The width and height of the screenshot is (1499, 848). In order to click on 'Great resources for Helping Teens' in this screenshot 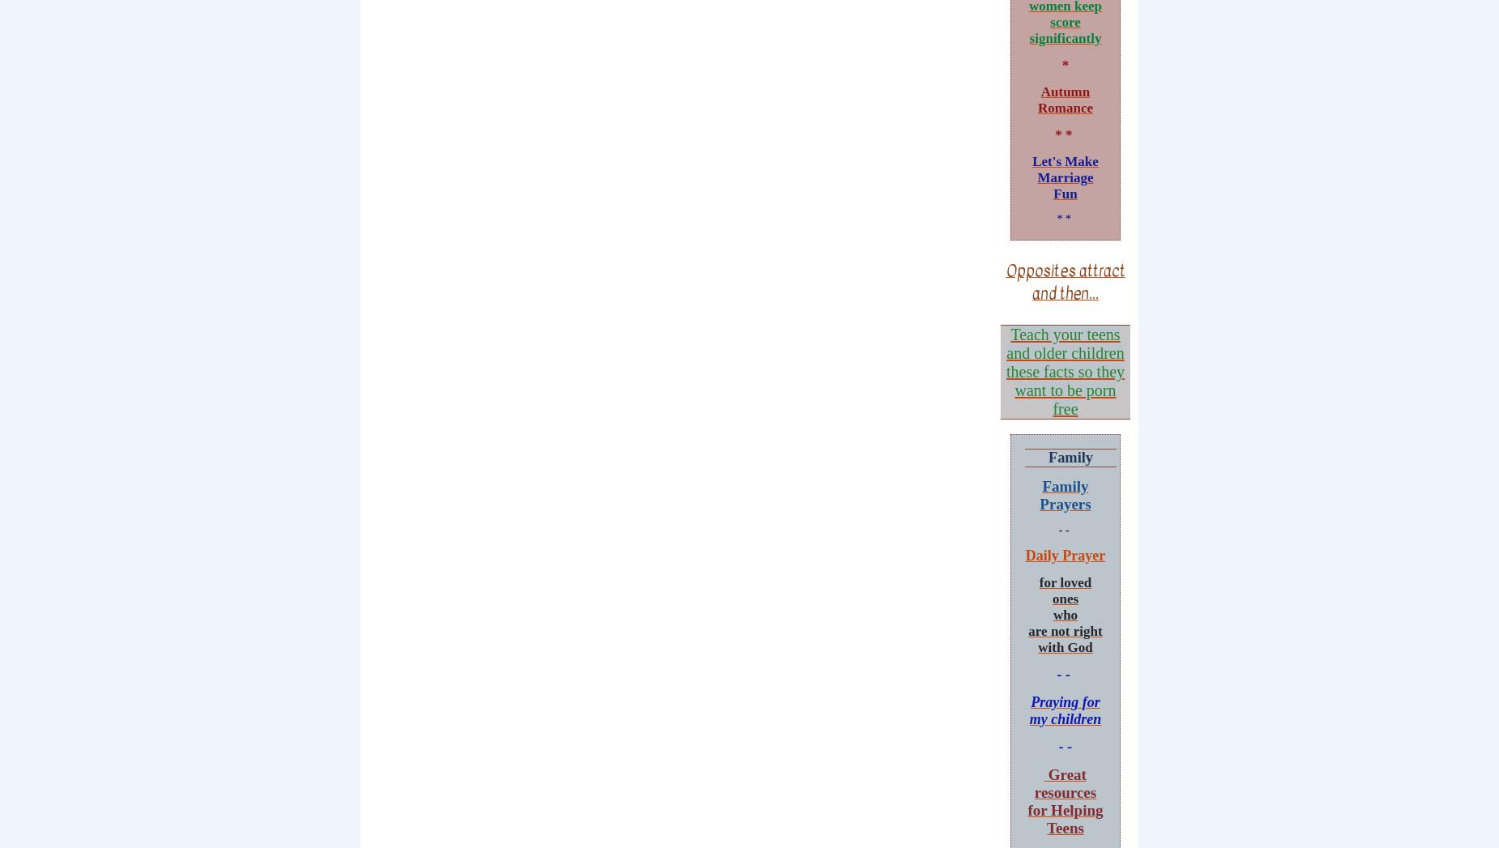, I will do `click(1064, 799)`.